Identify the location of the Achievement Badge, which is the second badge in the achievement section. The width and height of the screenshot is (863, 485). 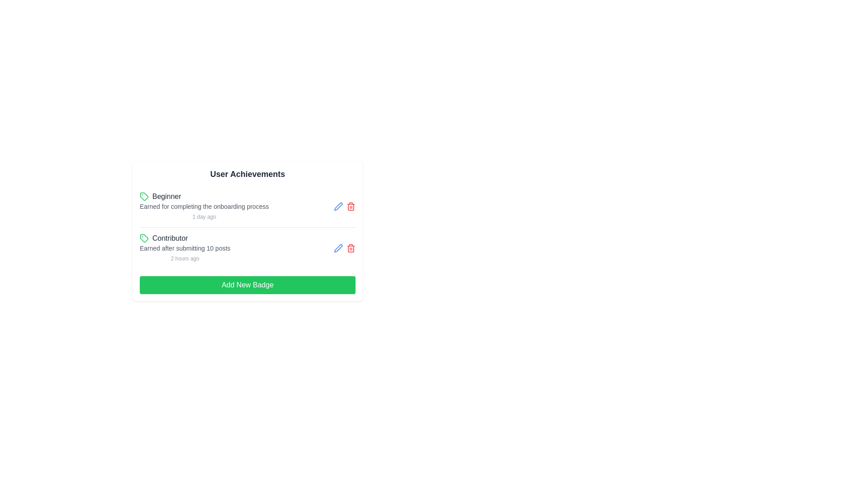
(184, 248).